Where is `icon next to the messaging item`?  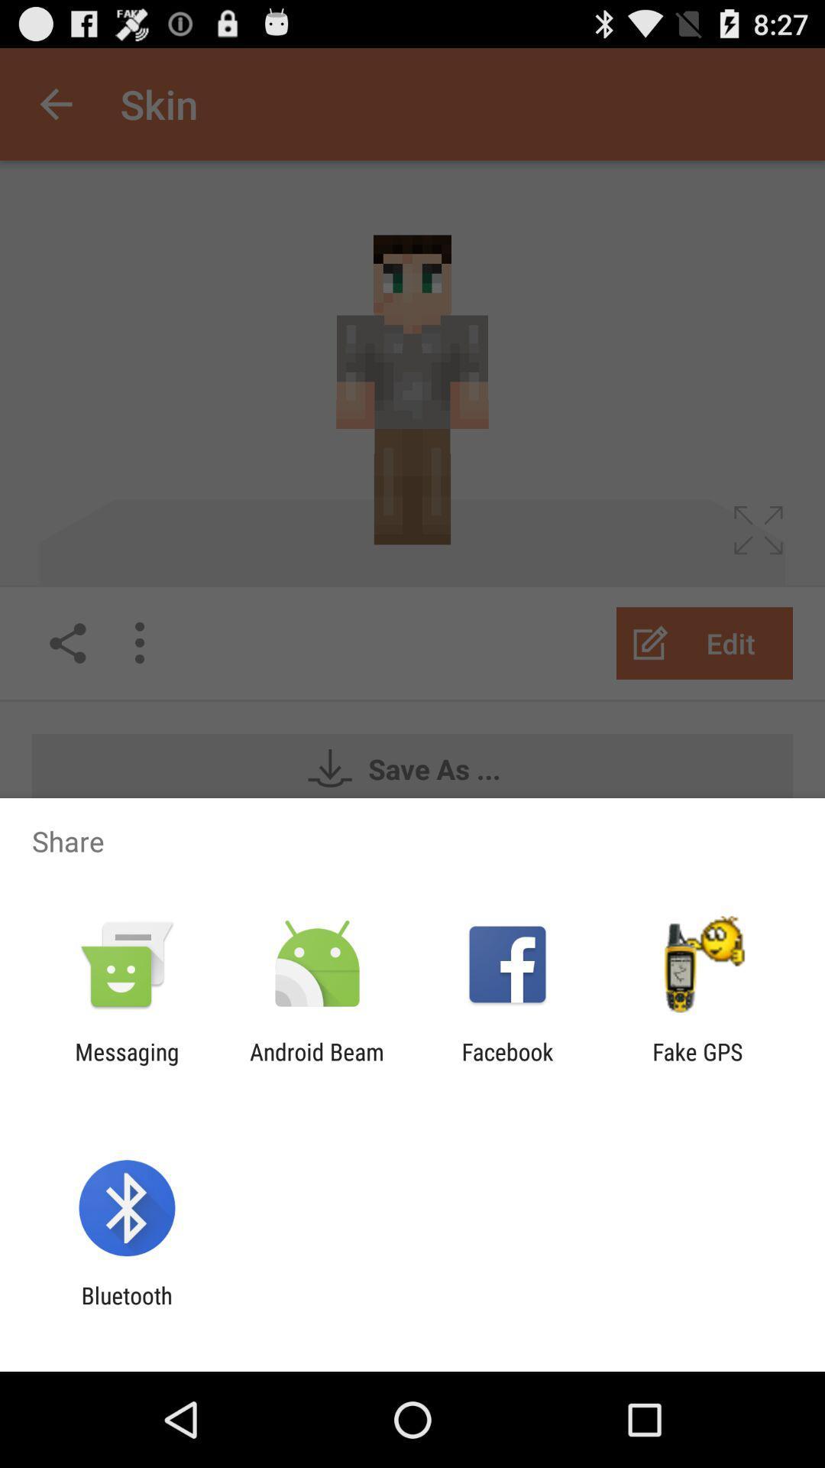 icon next to the messaging item is located at coordinates (316, 1064).